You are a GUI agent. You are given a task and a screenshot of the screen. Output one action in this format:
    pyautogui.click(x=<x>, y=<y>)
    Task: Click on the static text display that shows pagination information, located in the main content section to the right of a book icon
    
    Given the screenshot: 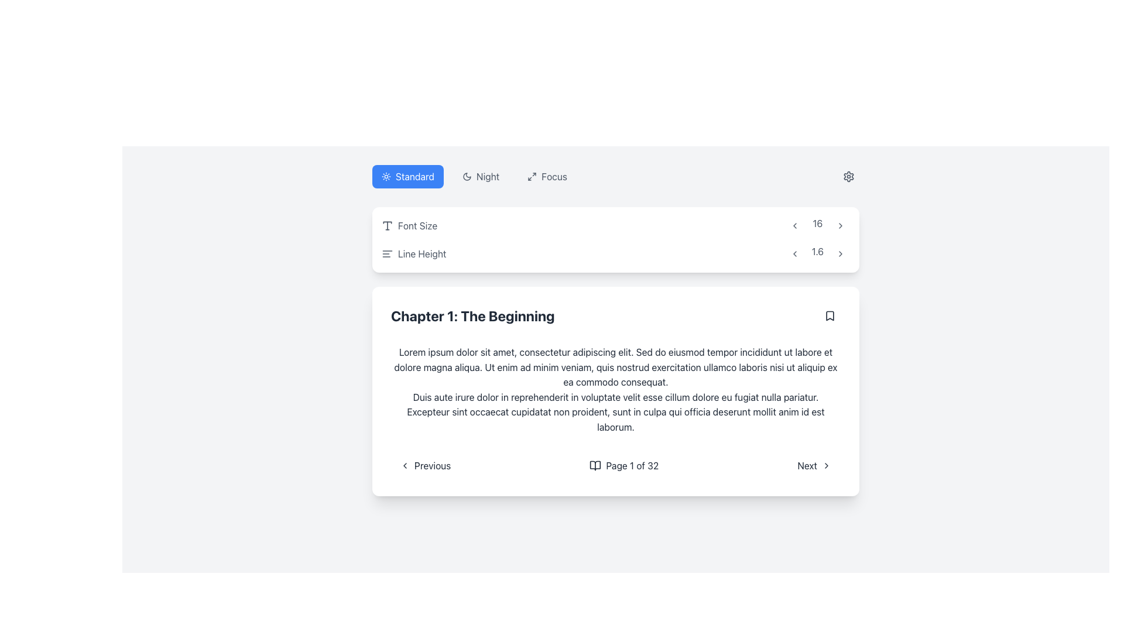 What is the action you would take?
    pyautogui.click(x=632, y=465)
    